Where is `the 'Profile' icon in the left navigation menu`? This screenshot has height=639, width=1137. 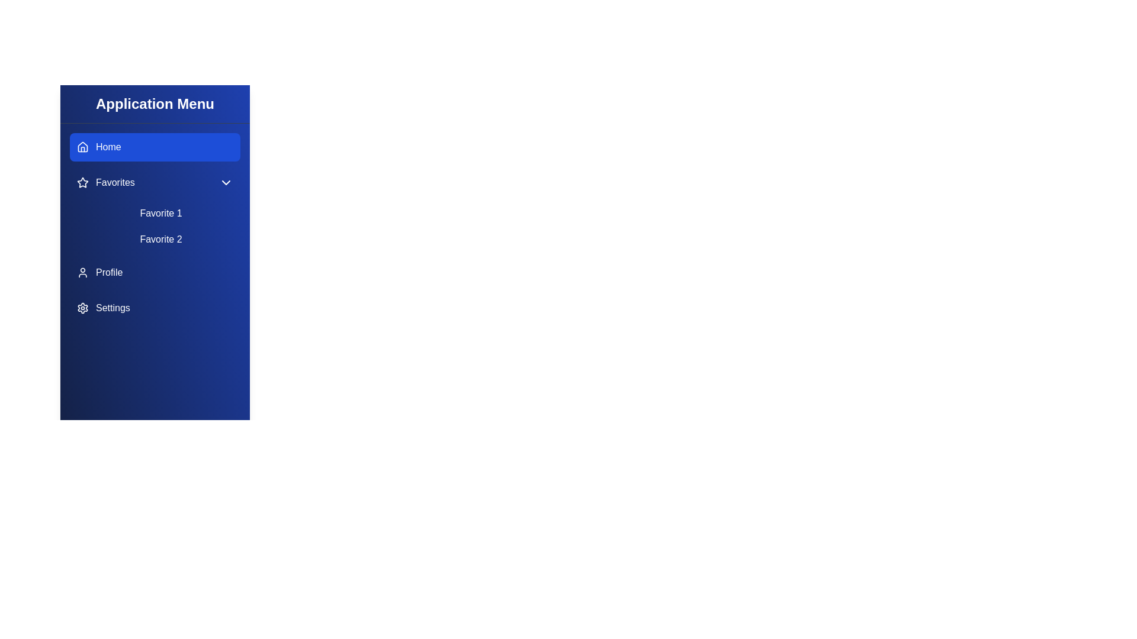
the 'Profile' icon in the left navigation menu is located at coordinates (82, 273).